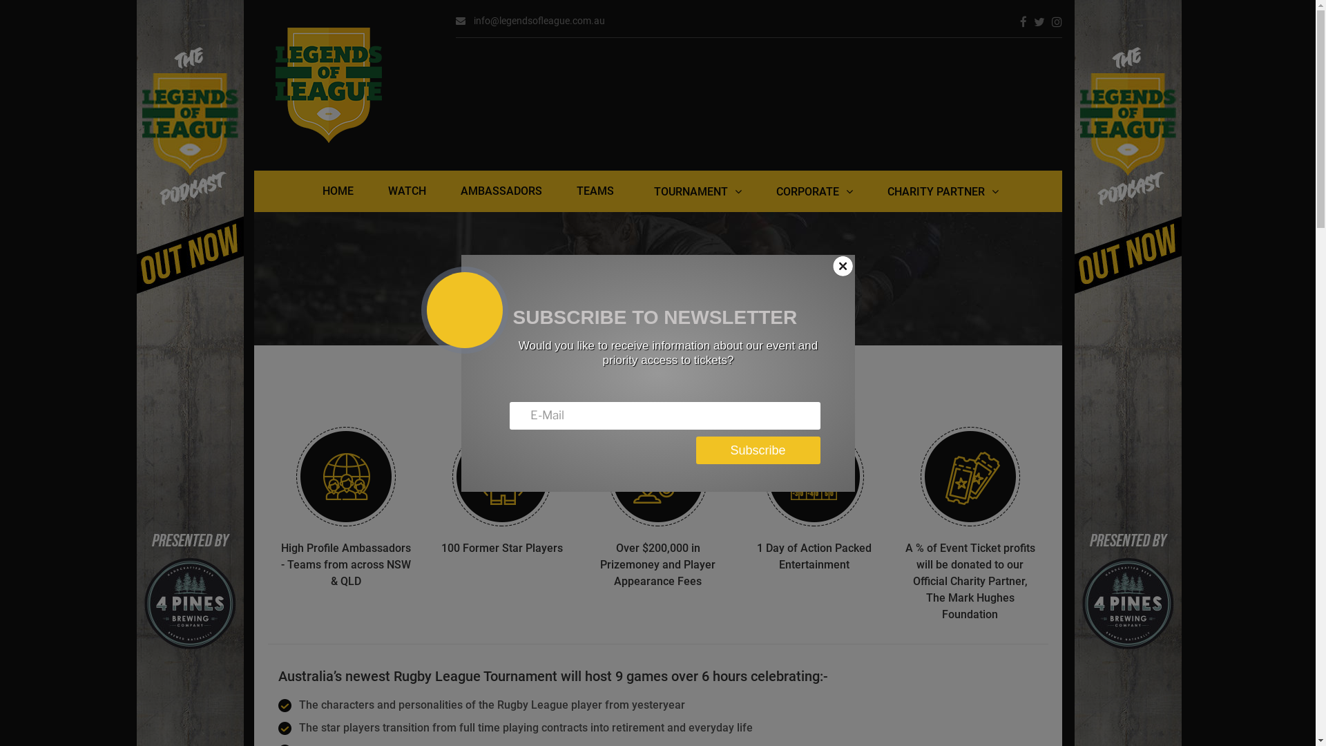  I want to click on '   info@legendsofleague.com.au', so click(530, 21).